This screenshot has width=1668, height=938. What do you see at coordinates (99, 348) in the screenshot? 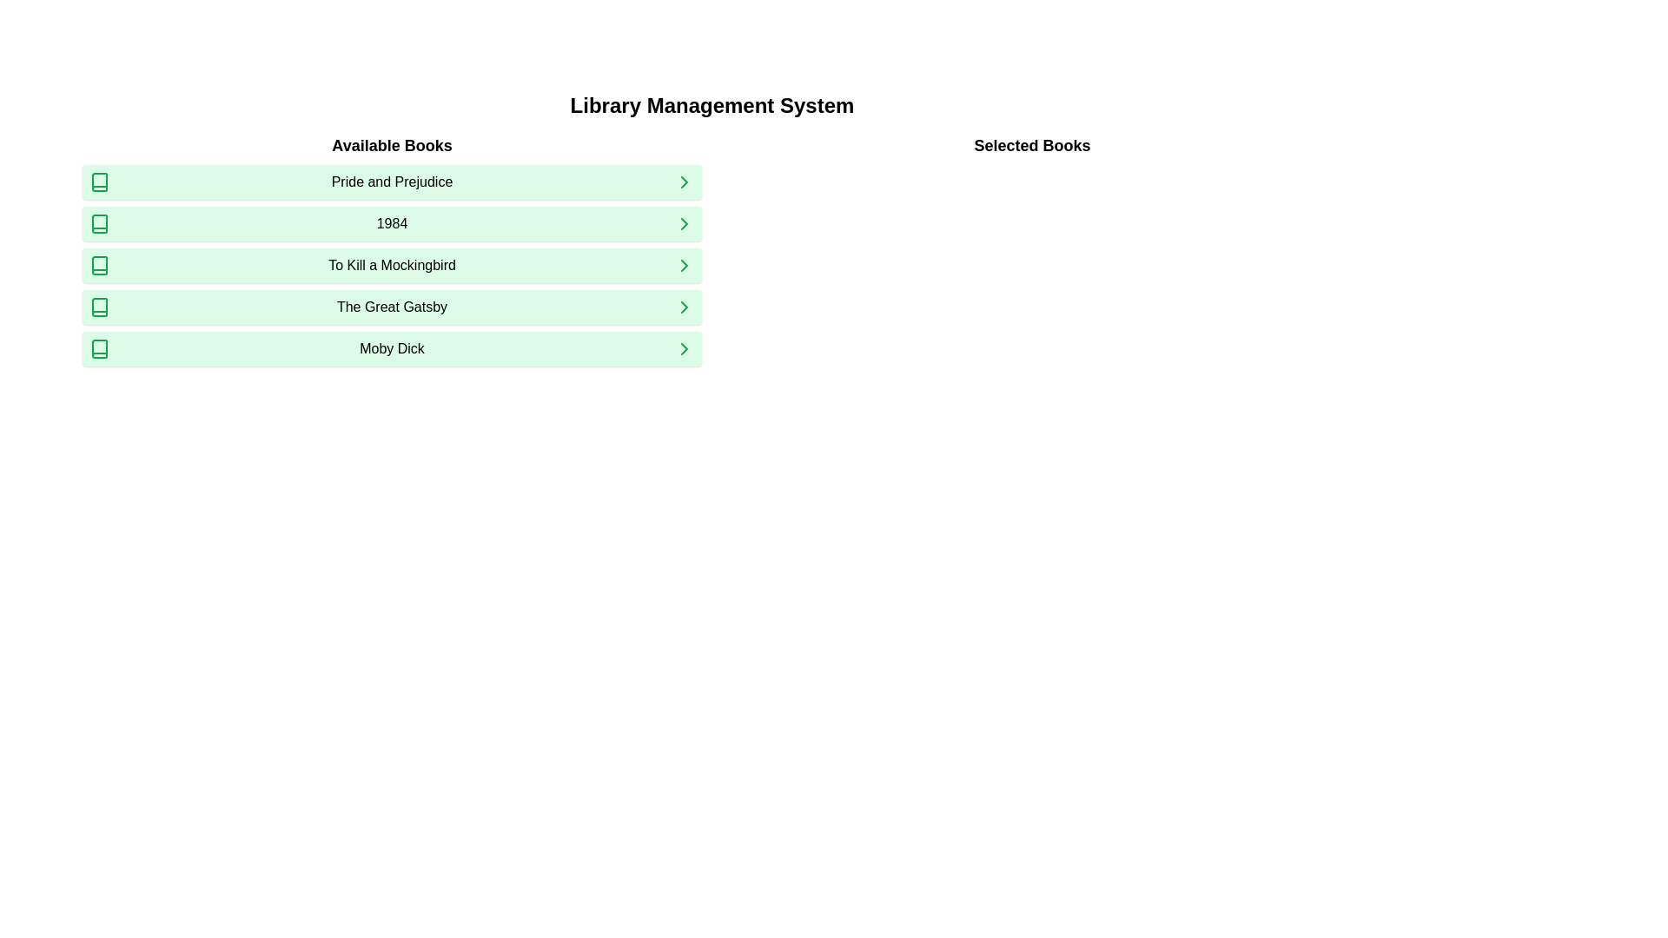
I see `the small green book icon located in the fifth row next to 'Moby Dick'` at bounding box center [99, 348].